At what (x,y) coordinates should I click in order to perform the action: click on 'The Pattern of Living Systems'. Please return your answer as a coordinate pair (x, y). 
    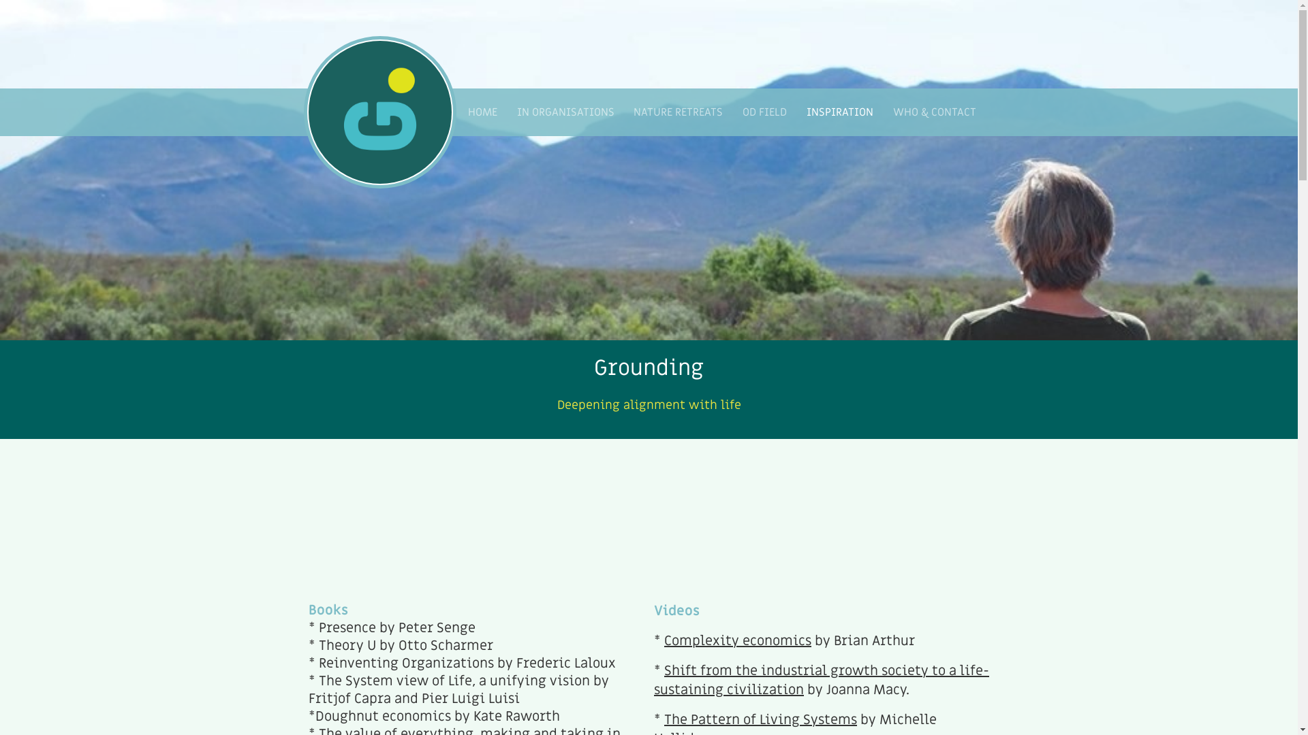
    Looking at the image, I should click on (760, 719).